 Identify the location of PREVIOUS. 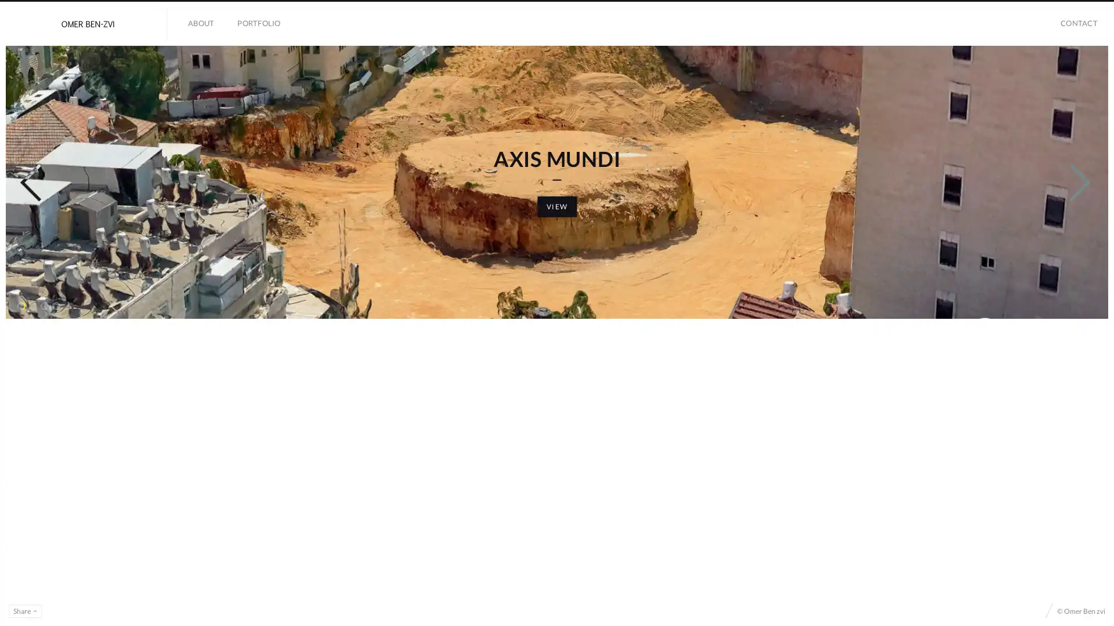
(34, 321).